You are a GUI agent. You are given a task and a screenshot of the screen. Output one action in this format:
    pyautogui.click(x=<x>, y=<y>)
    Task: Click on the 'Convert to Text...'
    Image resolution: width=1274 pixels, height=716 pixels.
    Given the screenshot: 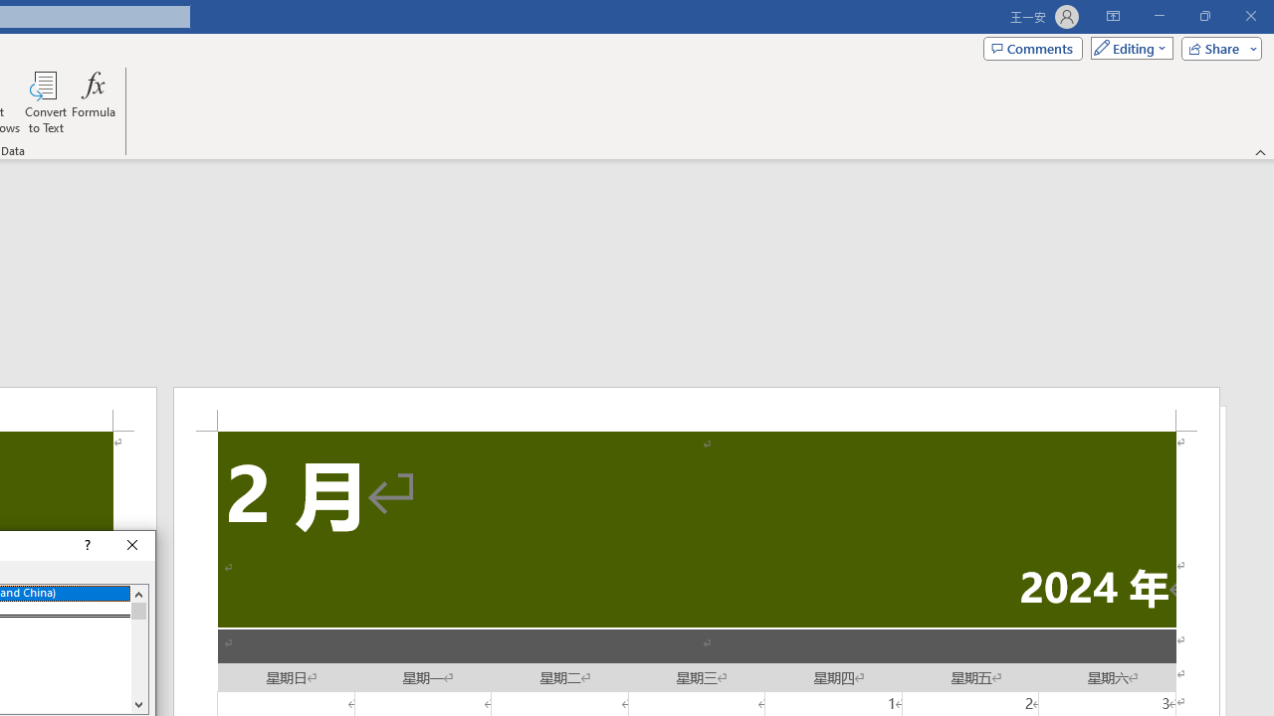 What is the action you would take?
    pyautogui.click(x=46, y=102)
    